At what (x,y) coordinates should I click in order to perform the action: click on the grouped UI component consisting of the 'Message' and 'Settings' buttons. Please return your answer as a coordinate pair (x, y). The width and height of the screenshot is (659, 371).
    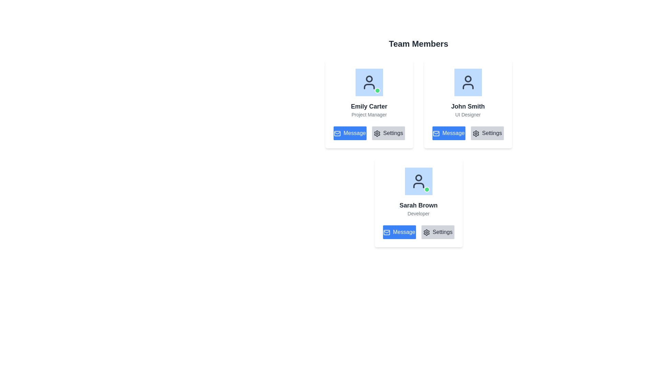
    Looking at the image, I should click on (467, 133).